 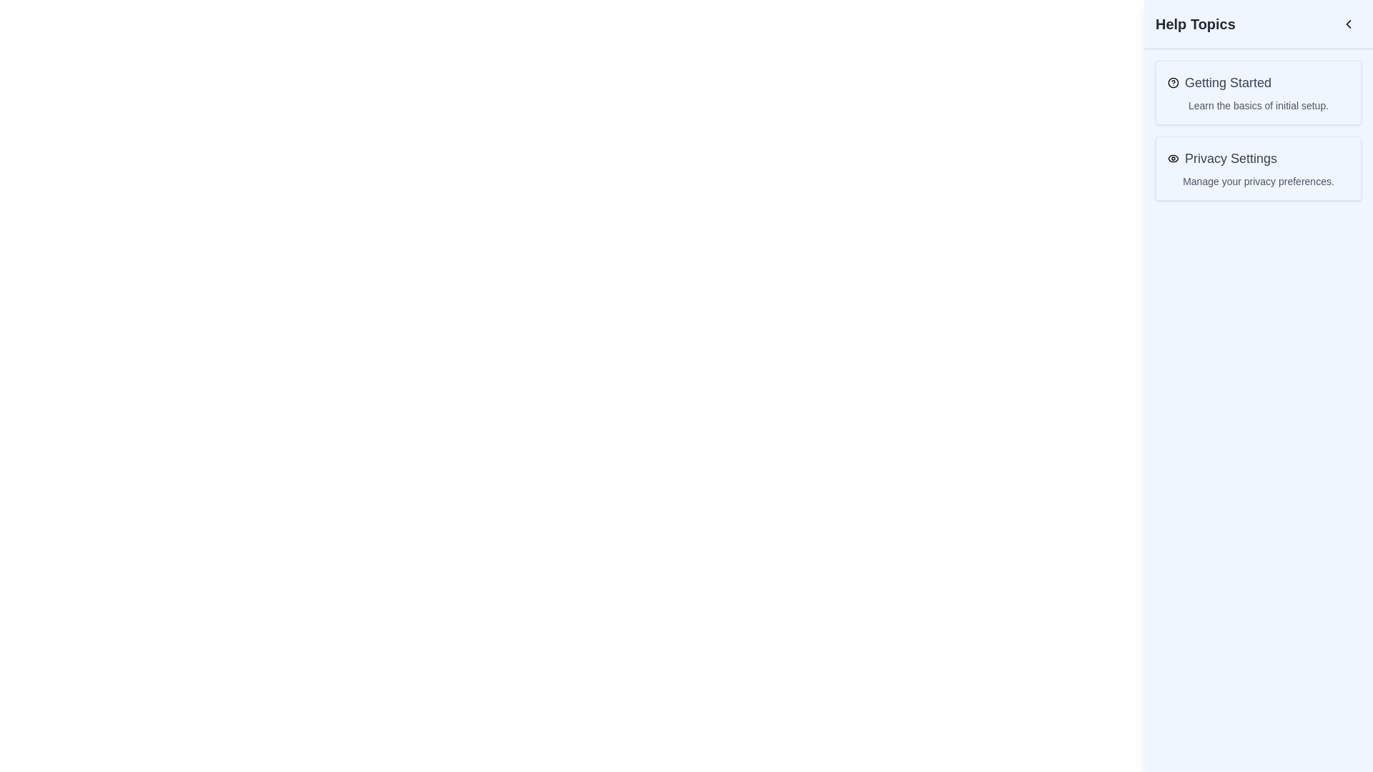 What do you see at coordinates (1259, 82) in the screenshot?
I see `the 'Getting Started' label with icon located at the top of the help topics card` at bounding box center [1259, 82].